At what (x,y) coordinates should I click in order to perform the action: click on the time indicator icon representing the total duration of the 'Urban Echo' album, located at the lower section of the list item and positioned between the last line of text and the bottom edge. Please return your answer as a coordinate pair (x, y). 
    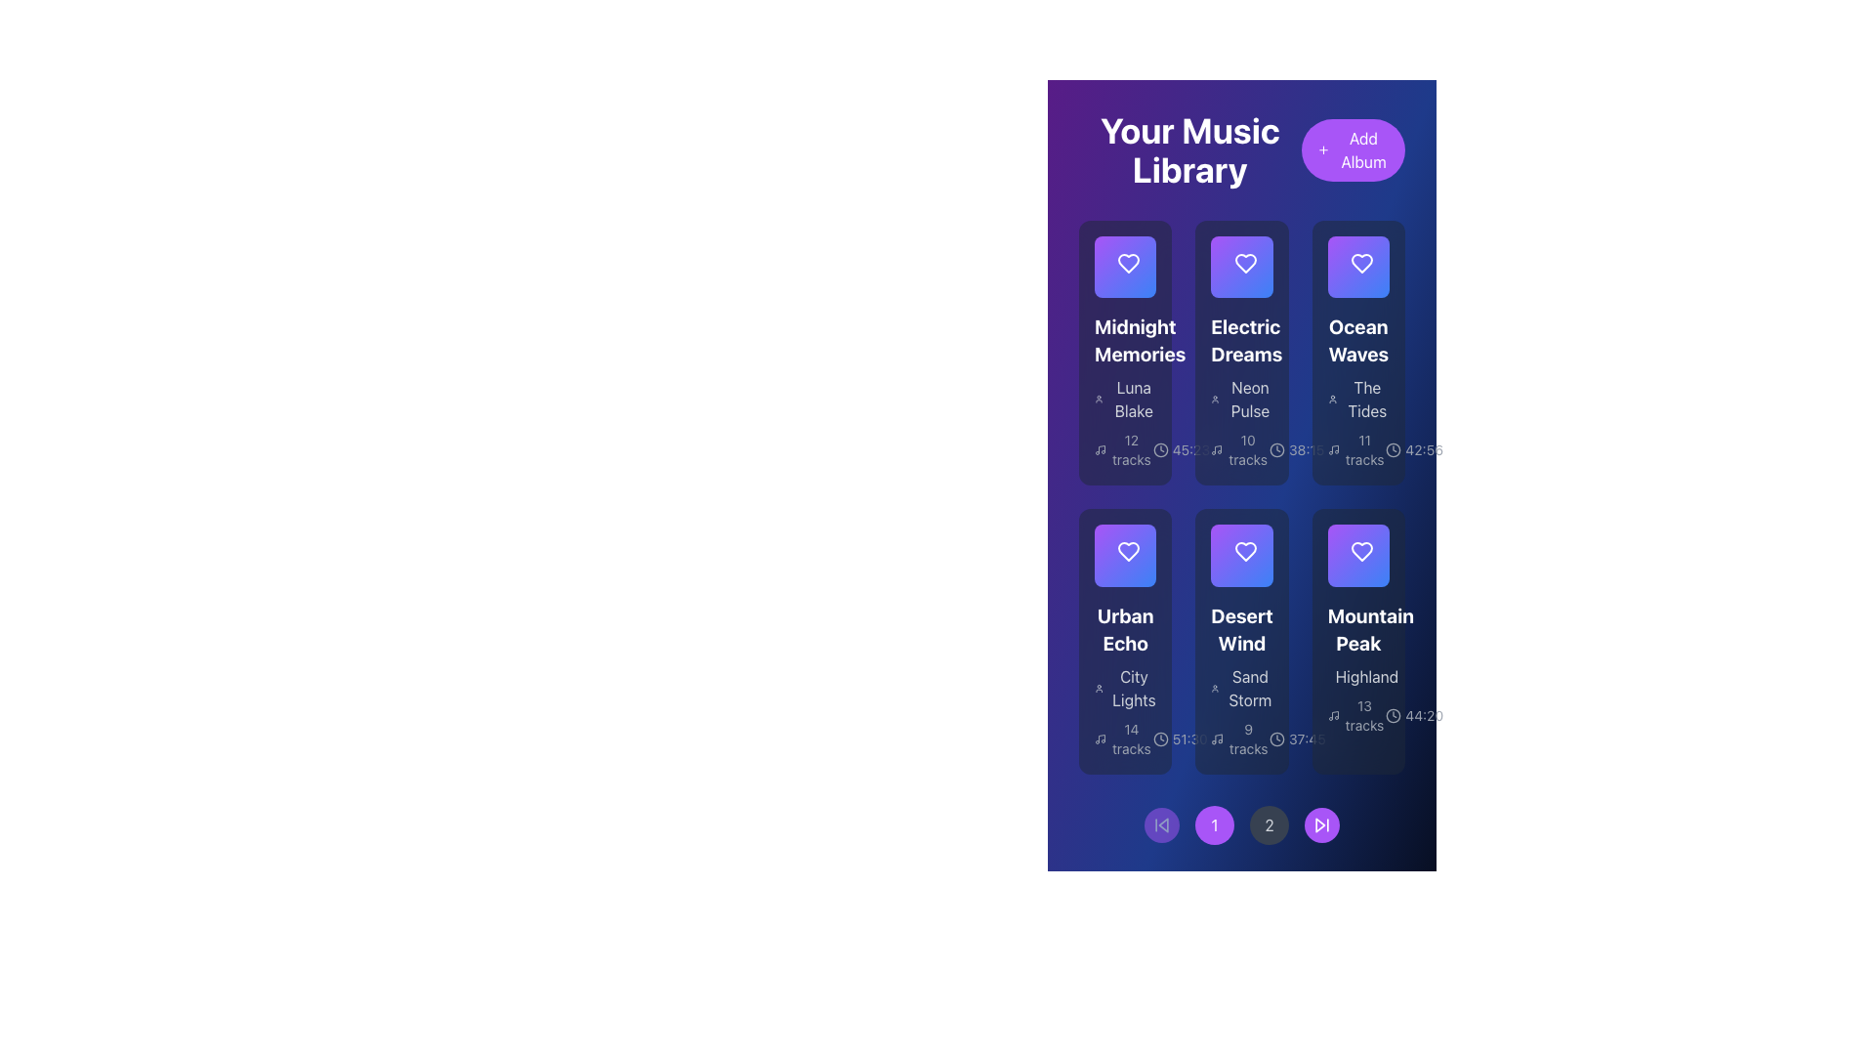
    Looking at the image, I should click on (1160, 738).